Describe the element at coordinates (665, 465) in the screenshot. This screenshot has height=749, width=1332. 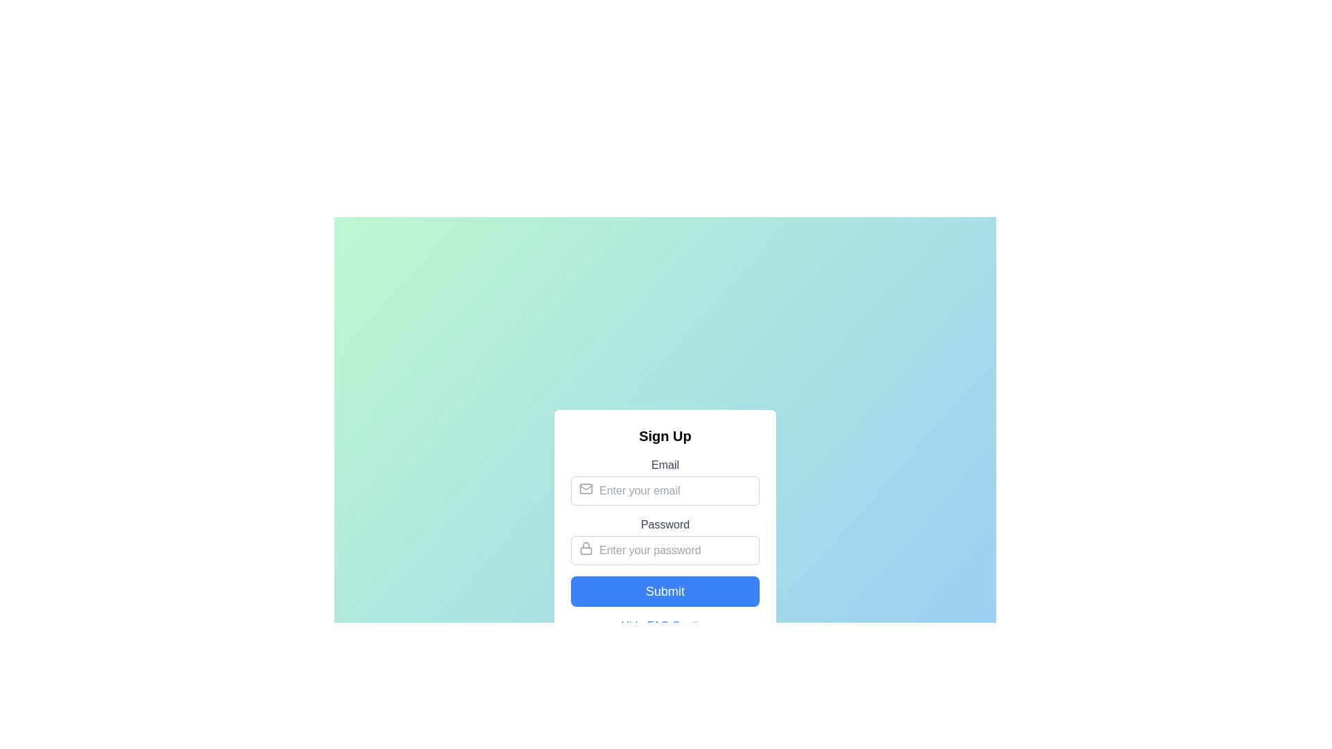
I see `the label that indicates the email input field, which is positioned directly above the email input in the form layout` at that location.